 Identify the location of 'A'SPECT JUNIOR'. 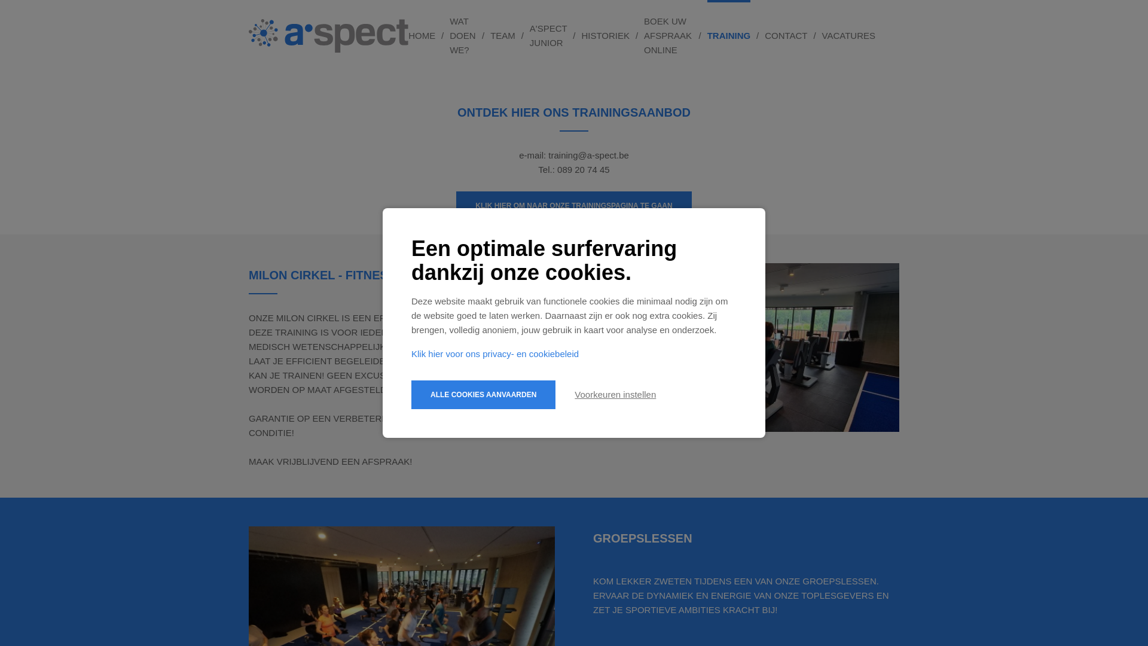
(548, 35).